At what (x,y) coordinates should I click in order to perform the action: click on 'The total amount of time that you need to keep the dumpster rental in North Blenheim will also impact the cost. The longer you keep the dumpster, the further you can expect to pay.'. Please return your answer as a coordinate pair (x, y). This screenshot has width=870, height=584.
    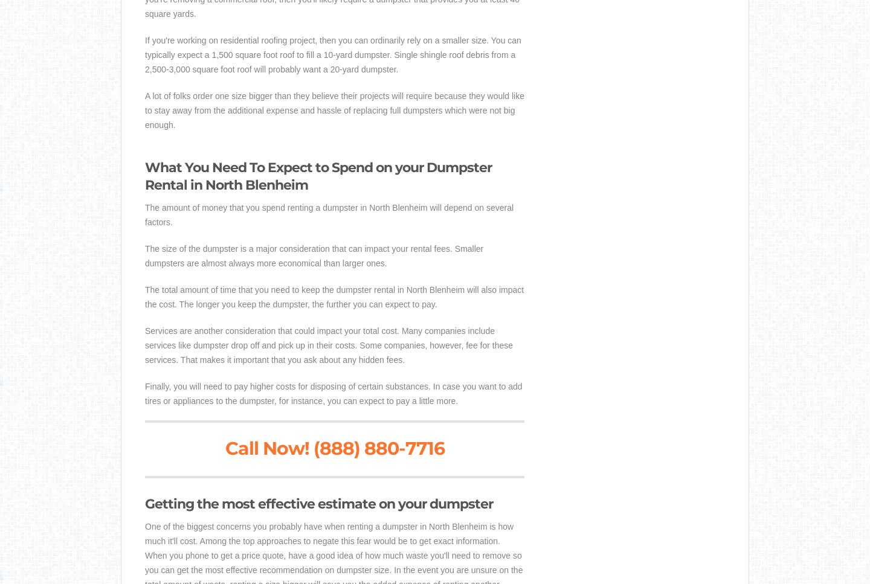
    Looking at the image, I should click on (334, 297).